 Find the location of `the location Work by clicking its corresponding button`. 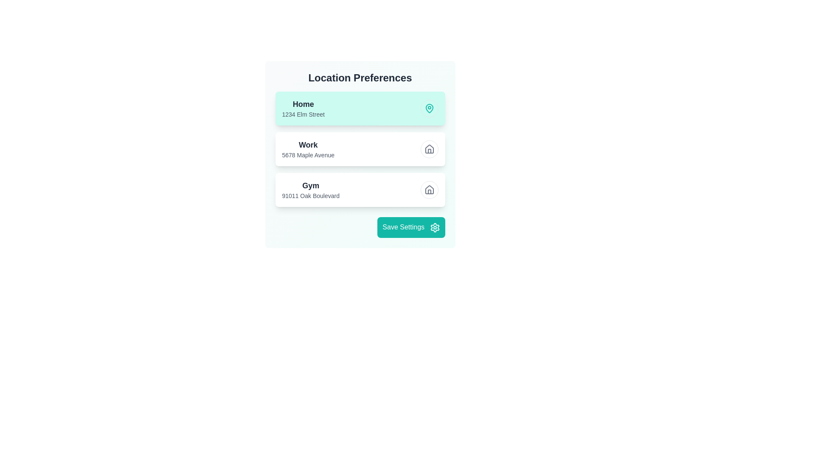

the location Work by clicking its corresponding button is located at coordinates (429, 148).